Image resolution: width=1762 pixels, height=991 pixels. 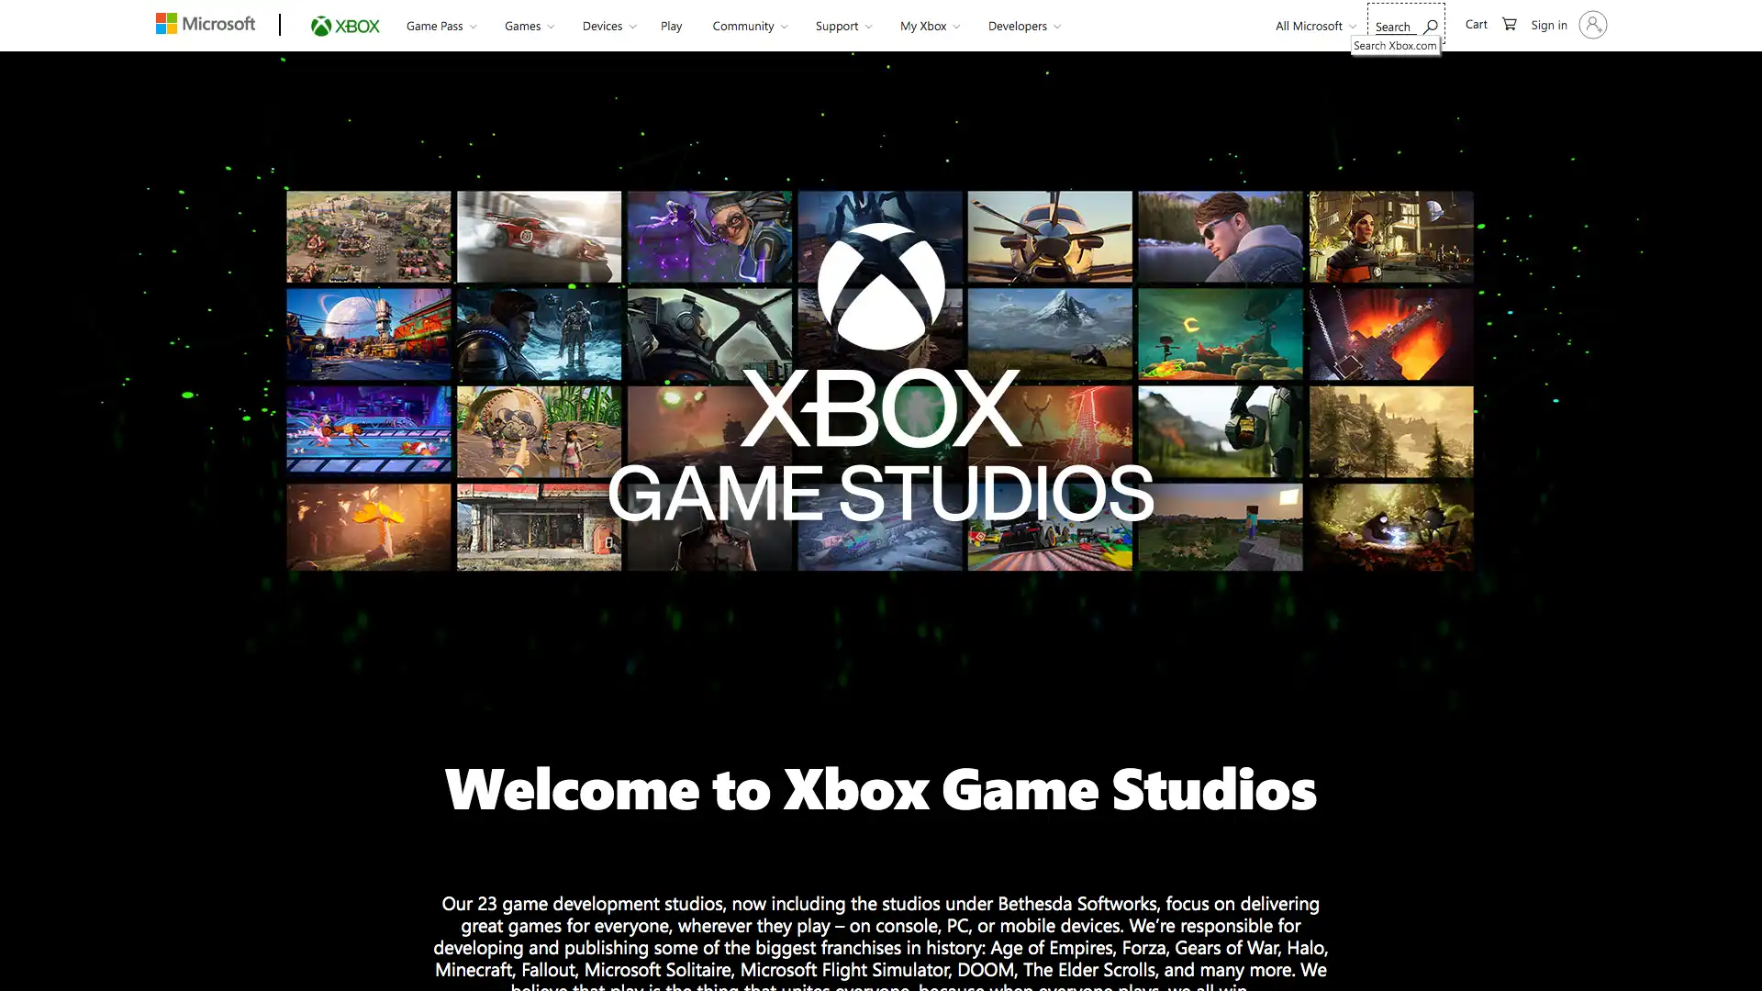 I want to click on All Microsoft expand to see list of Microsoft products and services, so click(x=1311, y=25).